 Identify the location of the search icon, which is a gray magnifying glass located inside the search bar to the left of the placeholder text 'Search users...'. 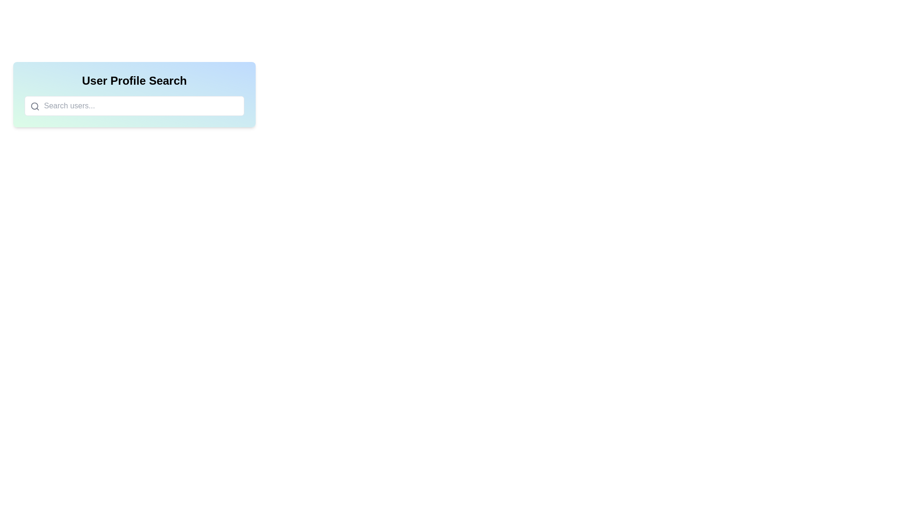
(35, 106).